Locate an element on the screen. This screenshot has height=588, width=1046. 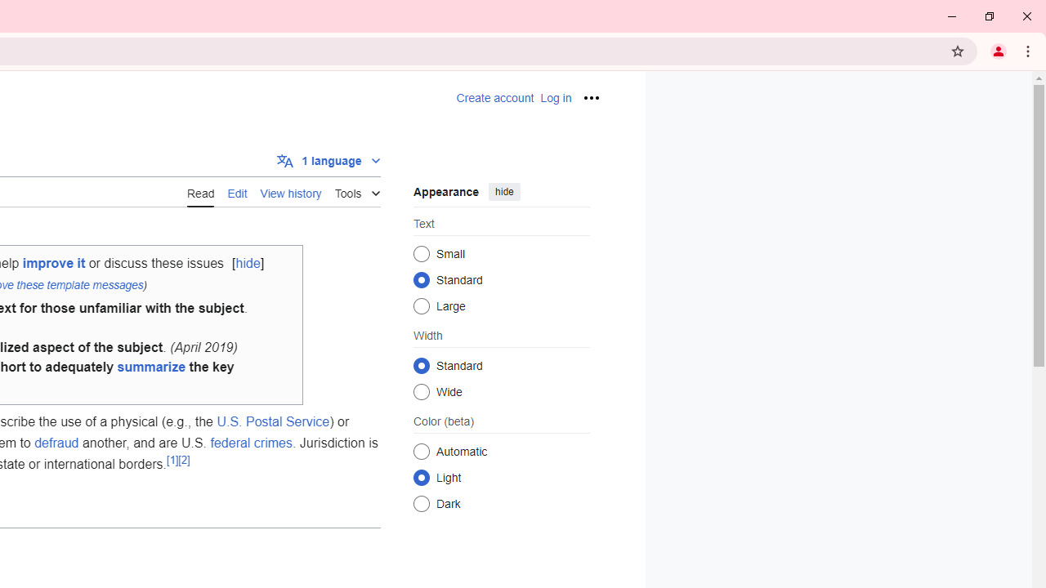
'Personal tools' is located at coordinates (590, 97).